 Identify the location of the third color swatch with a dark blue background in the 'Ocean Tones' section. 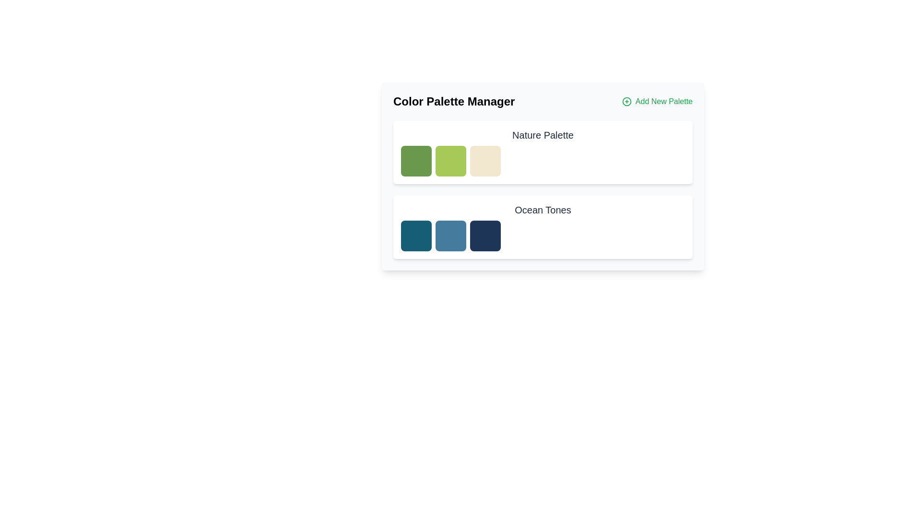
(485, 236).